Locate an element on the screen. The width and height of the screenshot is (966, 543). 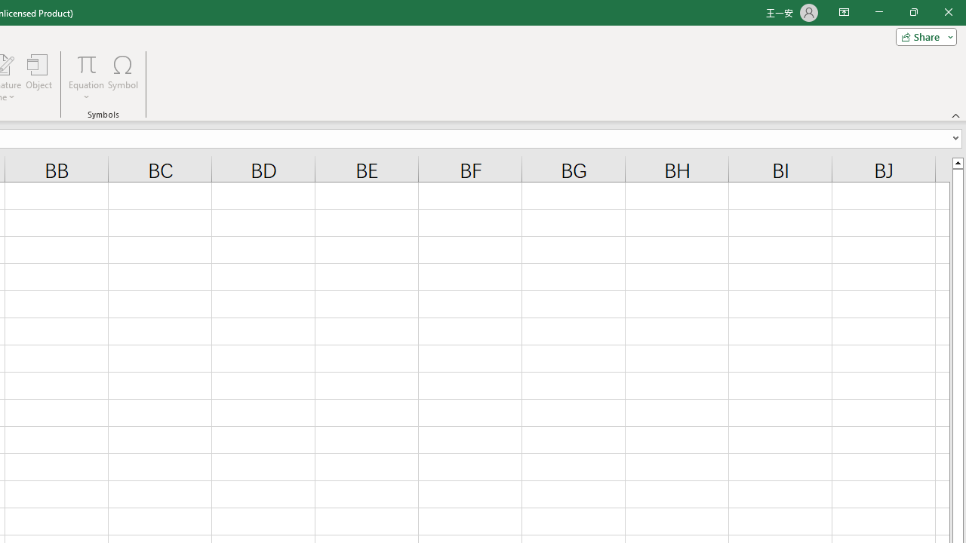
'Collapse the Ribbon' is located at coordinates (955, 115).